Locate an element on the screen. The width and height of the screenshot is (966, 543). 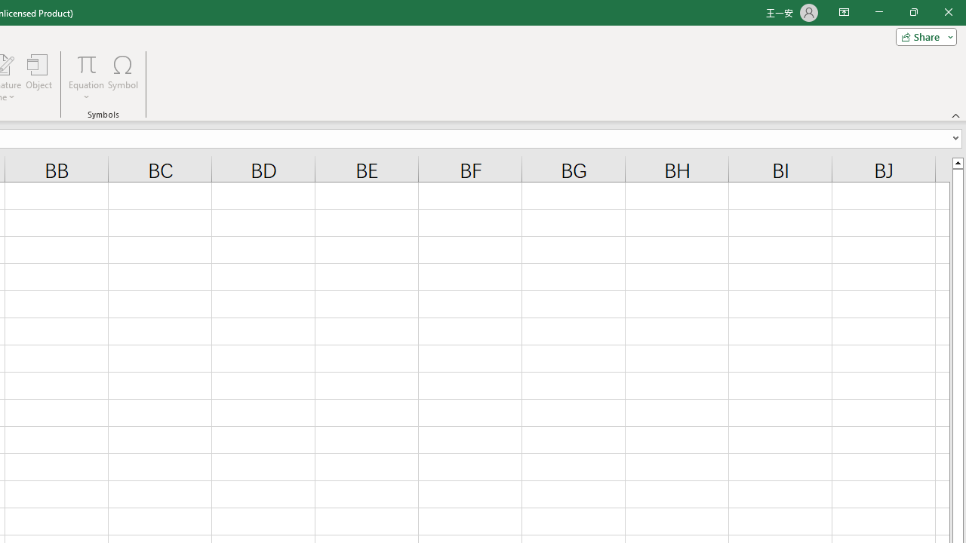
'Collapse the Ribbon' is located at coordinates (955, 115).